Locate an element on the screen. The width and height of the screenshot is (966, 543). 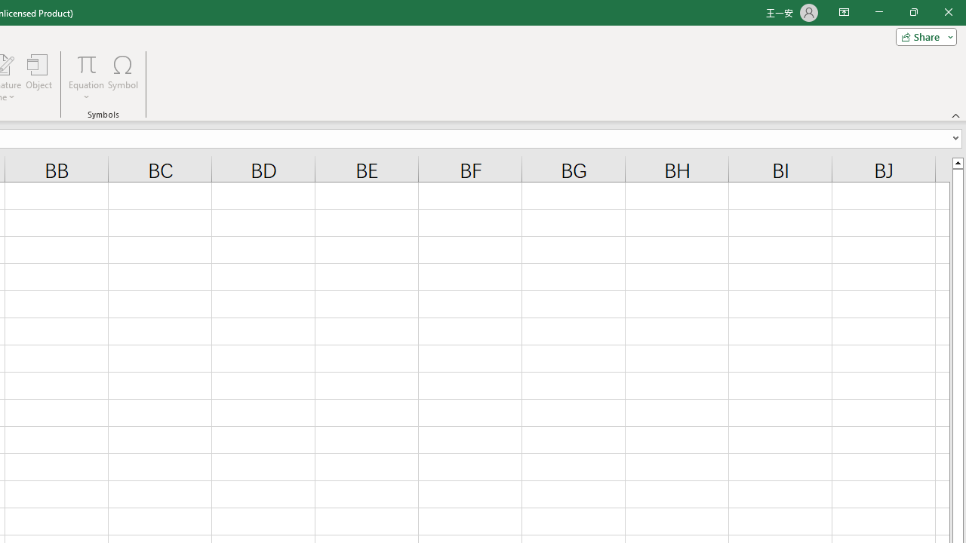
'Collapse the Ribbon' is located at coordinates (955, 115).